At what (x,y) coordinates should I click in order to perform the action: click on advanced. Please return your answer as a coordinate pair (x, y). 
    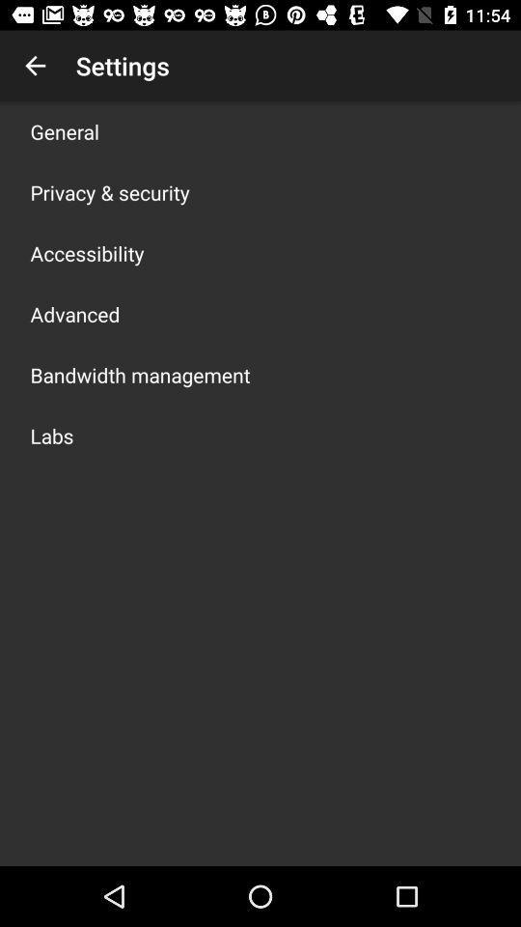
    Looking at the image, I should click on (73, 314).